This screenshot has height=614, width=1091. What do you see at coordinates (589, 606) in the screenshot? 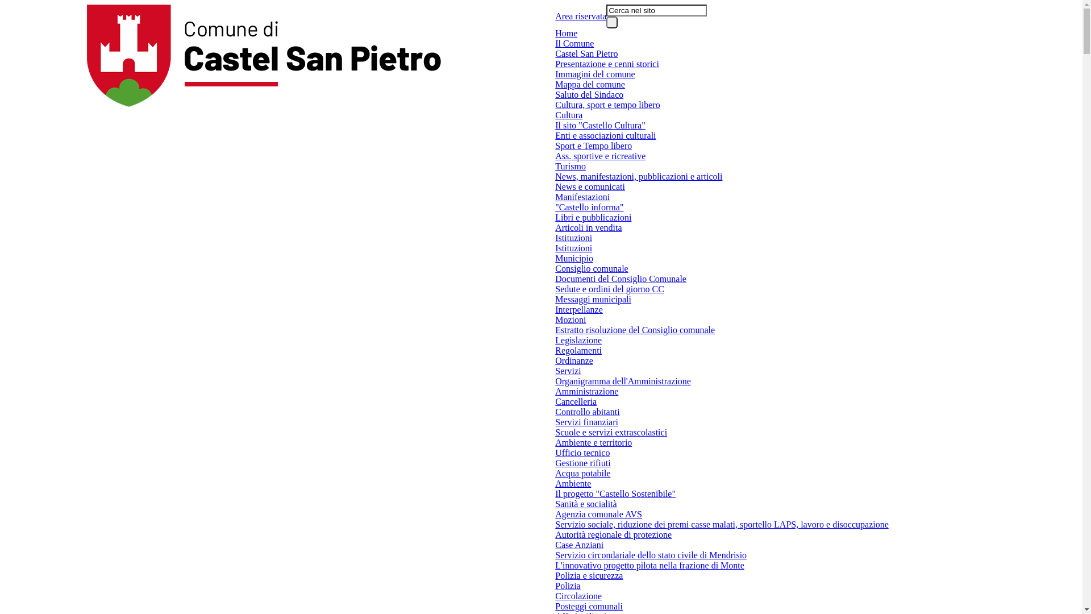
I see `'Posteggi comunali'` at bounding box center [589, 606].